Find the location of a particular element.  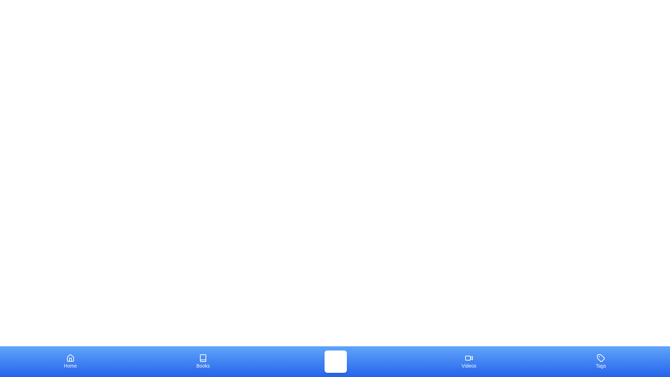

the Tags tab to activate it is located at coordinates (601, 361).